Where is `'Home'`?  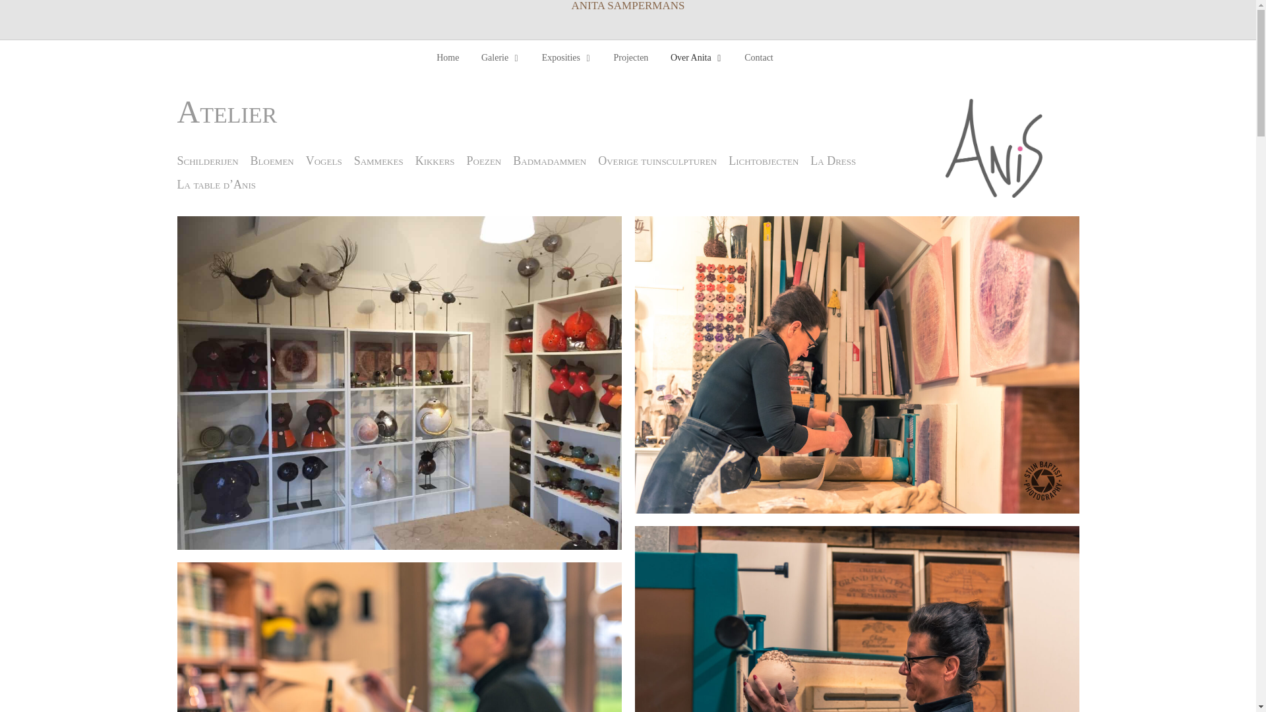 'Home' is located at coordinates (452, 57).